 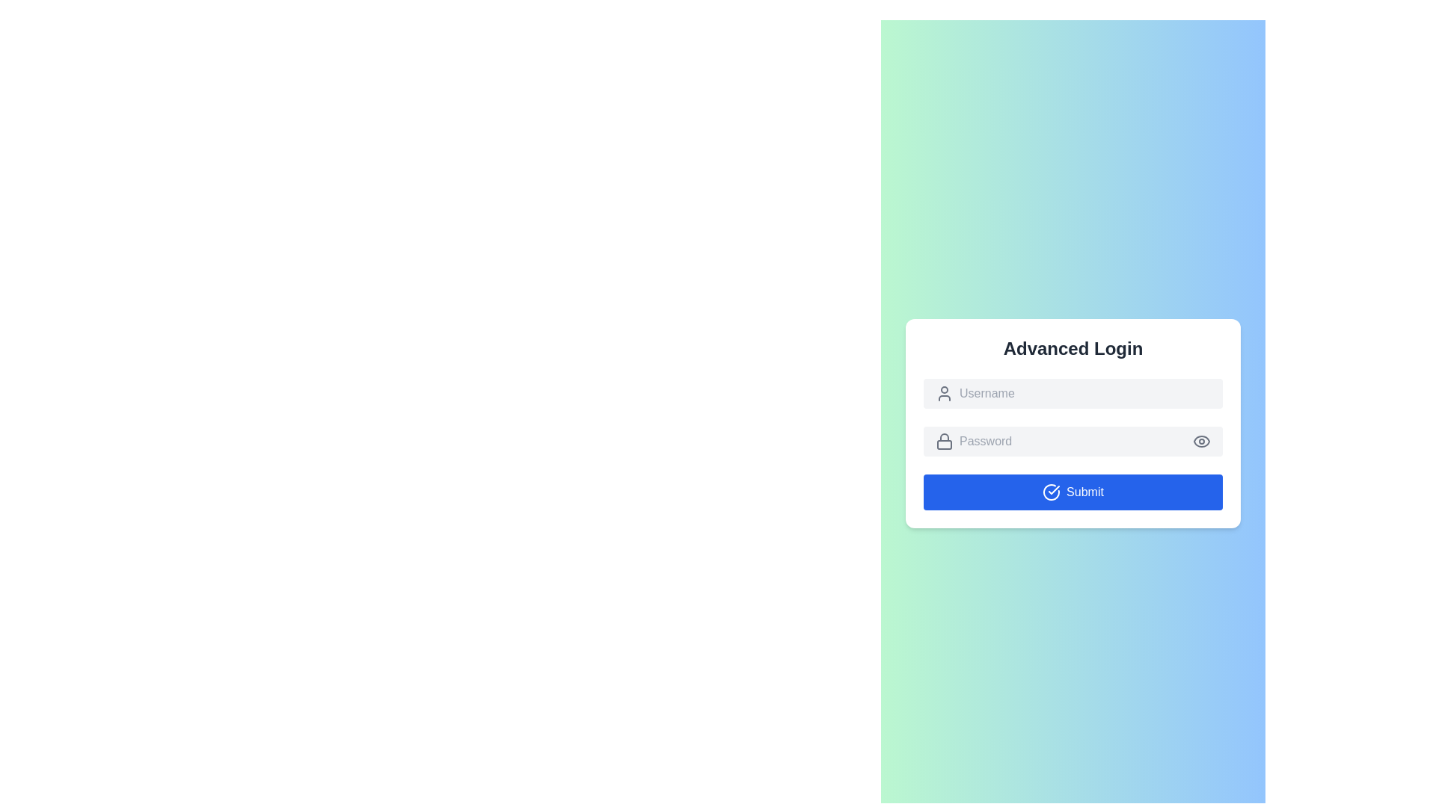 I want to click on the 'Submit' button with a bright blue background and white text, located below the password input field in the 'Advanced Login' form, so click(x=1073, y=492).